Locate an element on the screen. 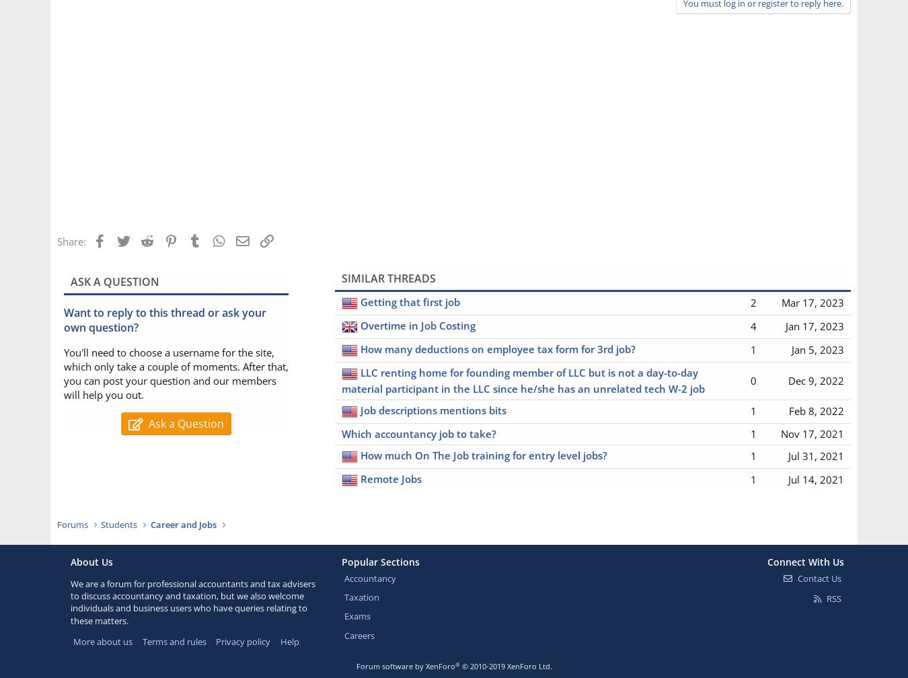 The width and height of the screenshot is (908, 678). 'Jul 31, 2021' is located at coordinates (815, 455).